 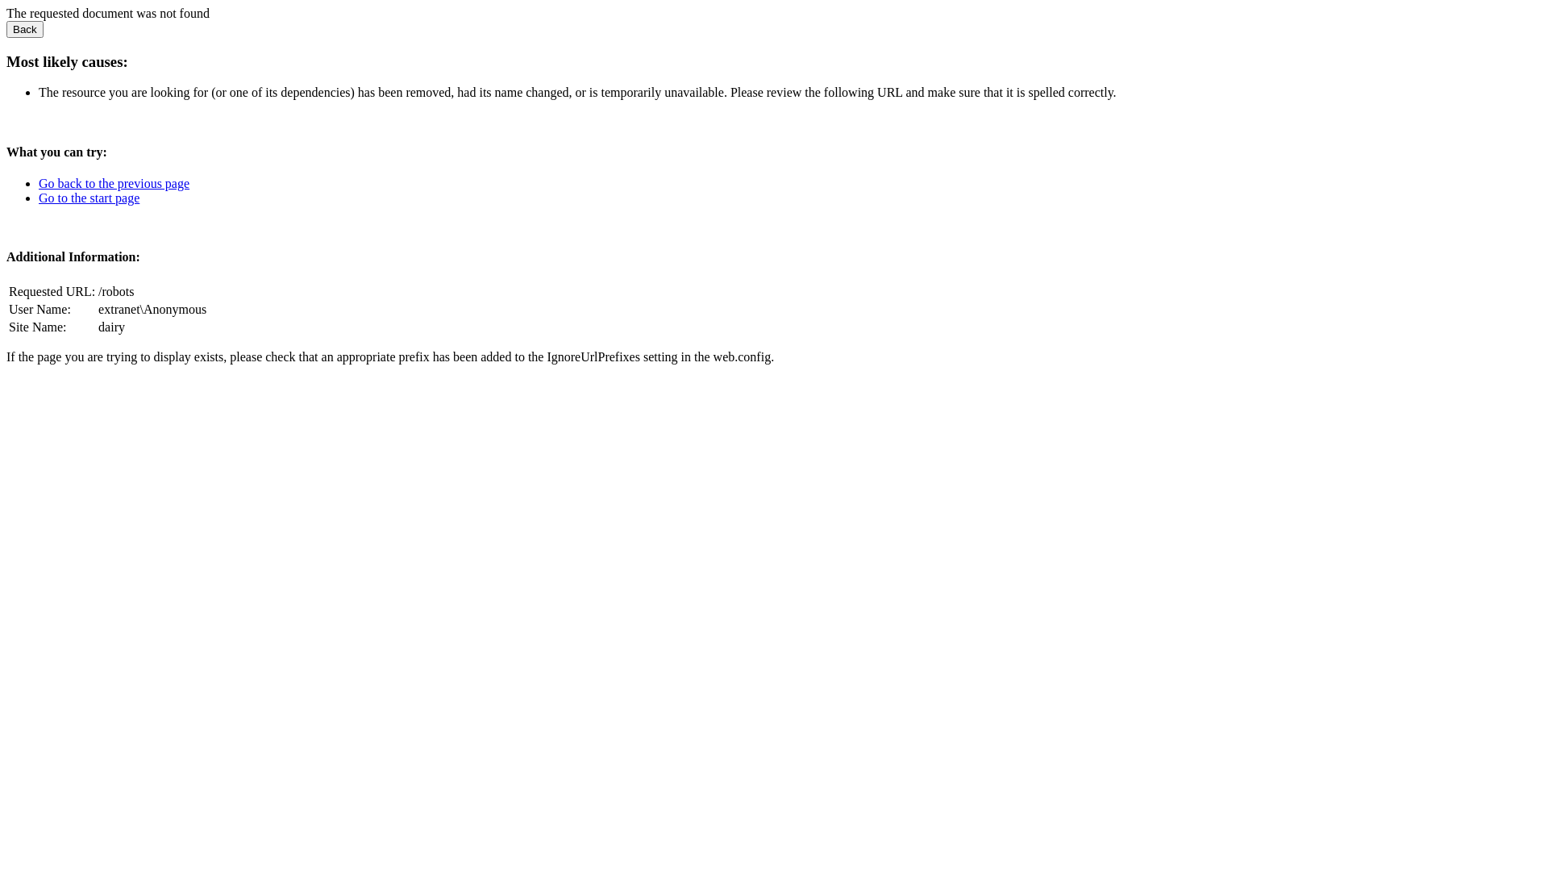 What do you see at coordinates (113, 182) in the screenshot?
I see `'Go back to the previous page'` at bounding box center [113, 182].